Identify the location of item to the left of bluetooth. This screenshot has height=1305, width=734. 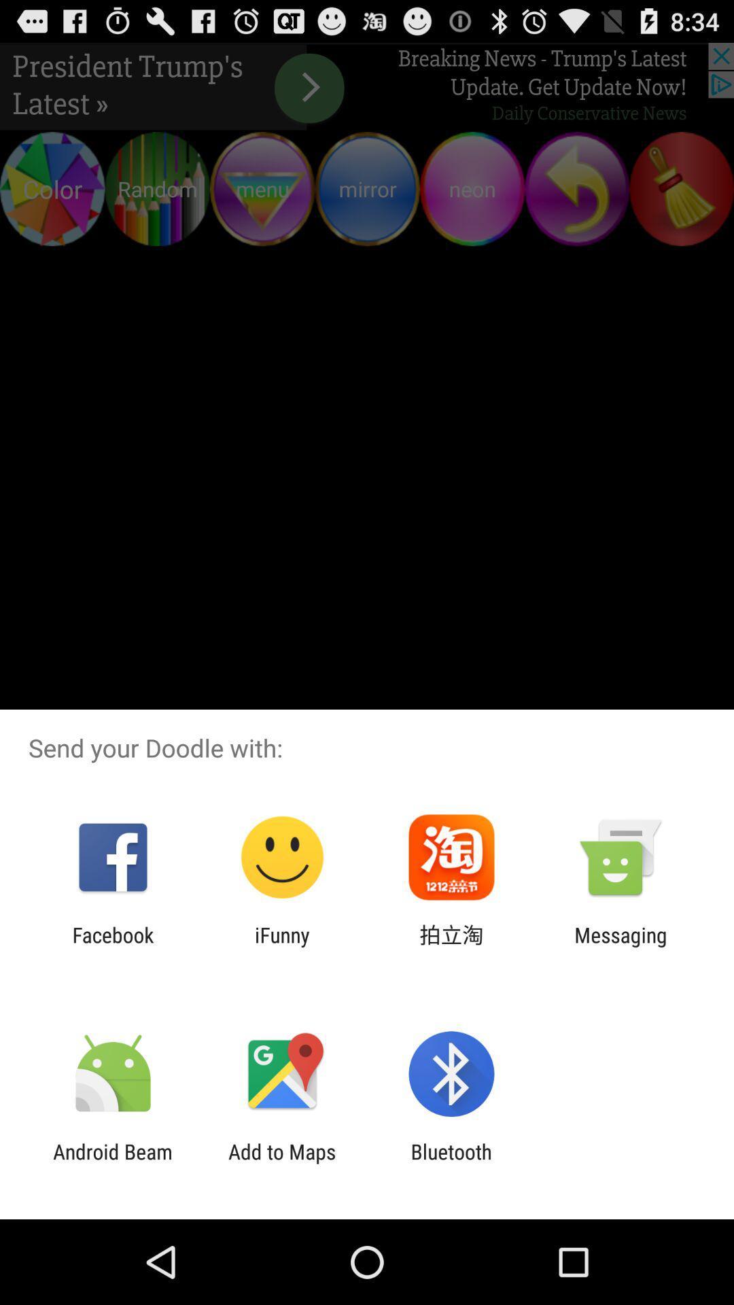
(281, 1163).